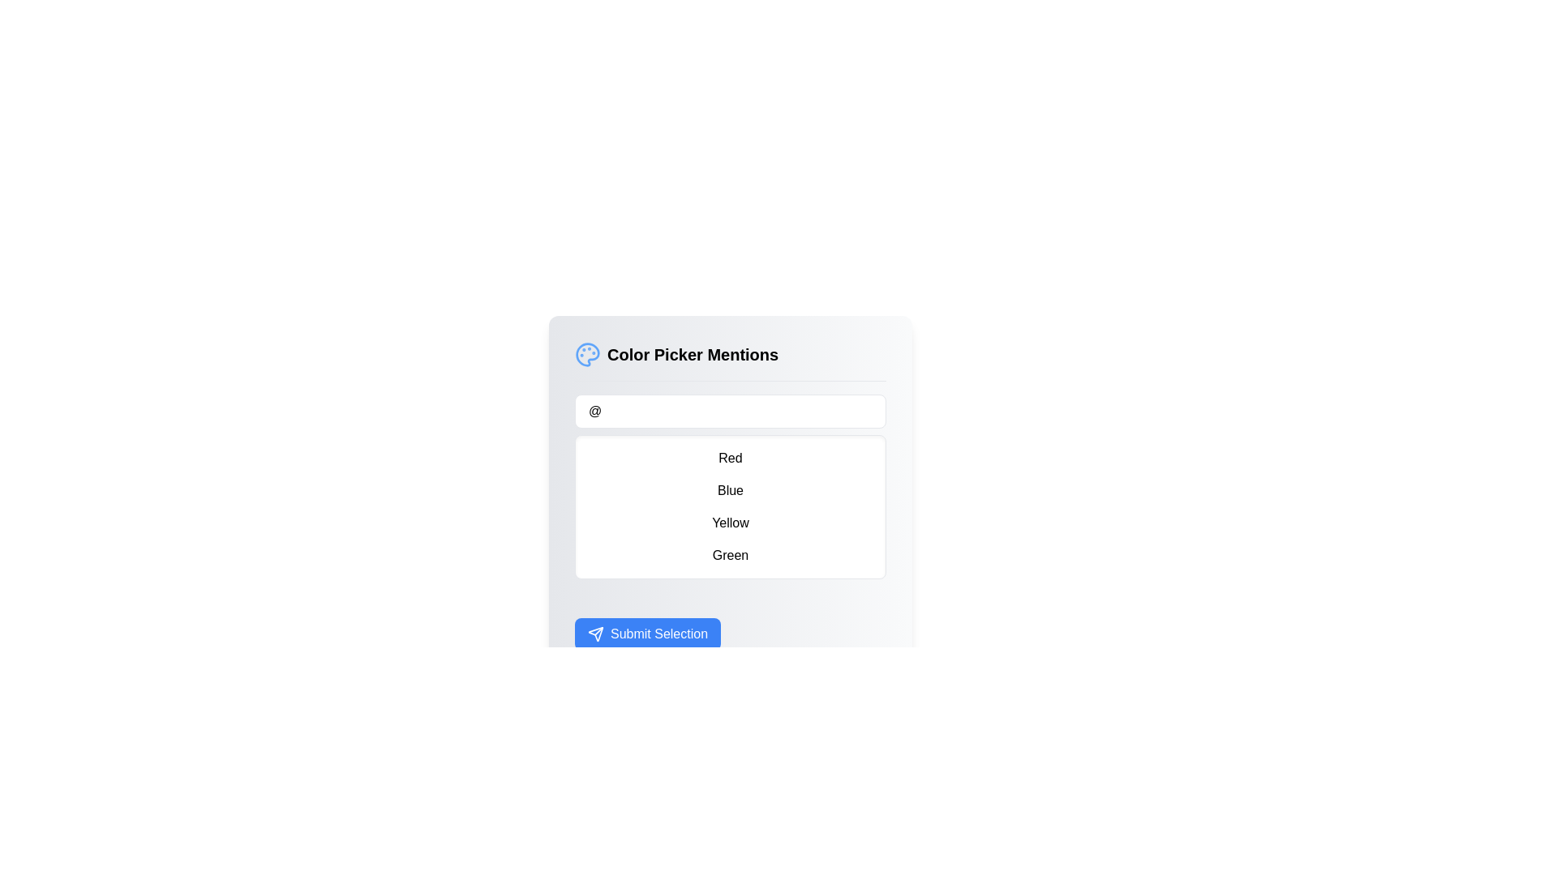 The width and height of the screenshot is (1557, 875). What do you see at coordinates (730, 555) in the screenshot?
I see `the fourth item in the vertical list, which is positioned inside a bordered box` at bounding box center [730, 555].